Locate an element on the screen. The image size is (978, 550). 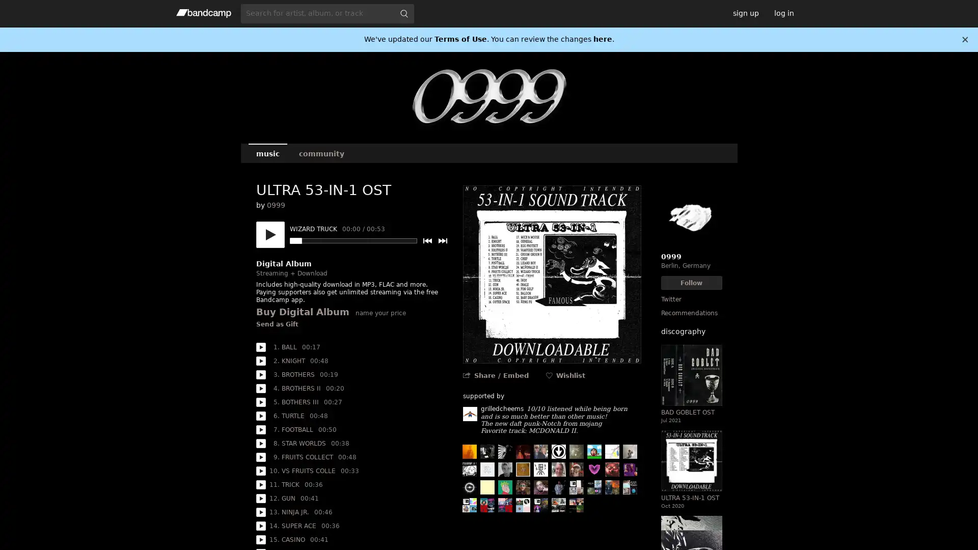
Play GUN is located at coordinates (260, 498).